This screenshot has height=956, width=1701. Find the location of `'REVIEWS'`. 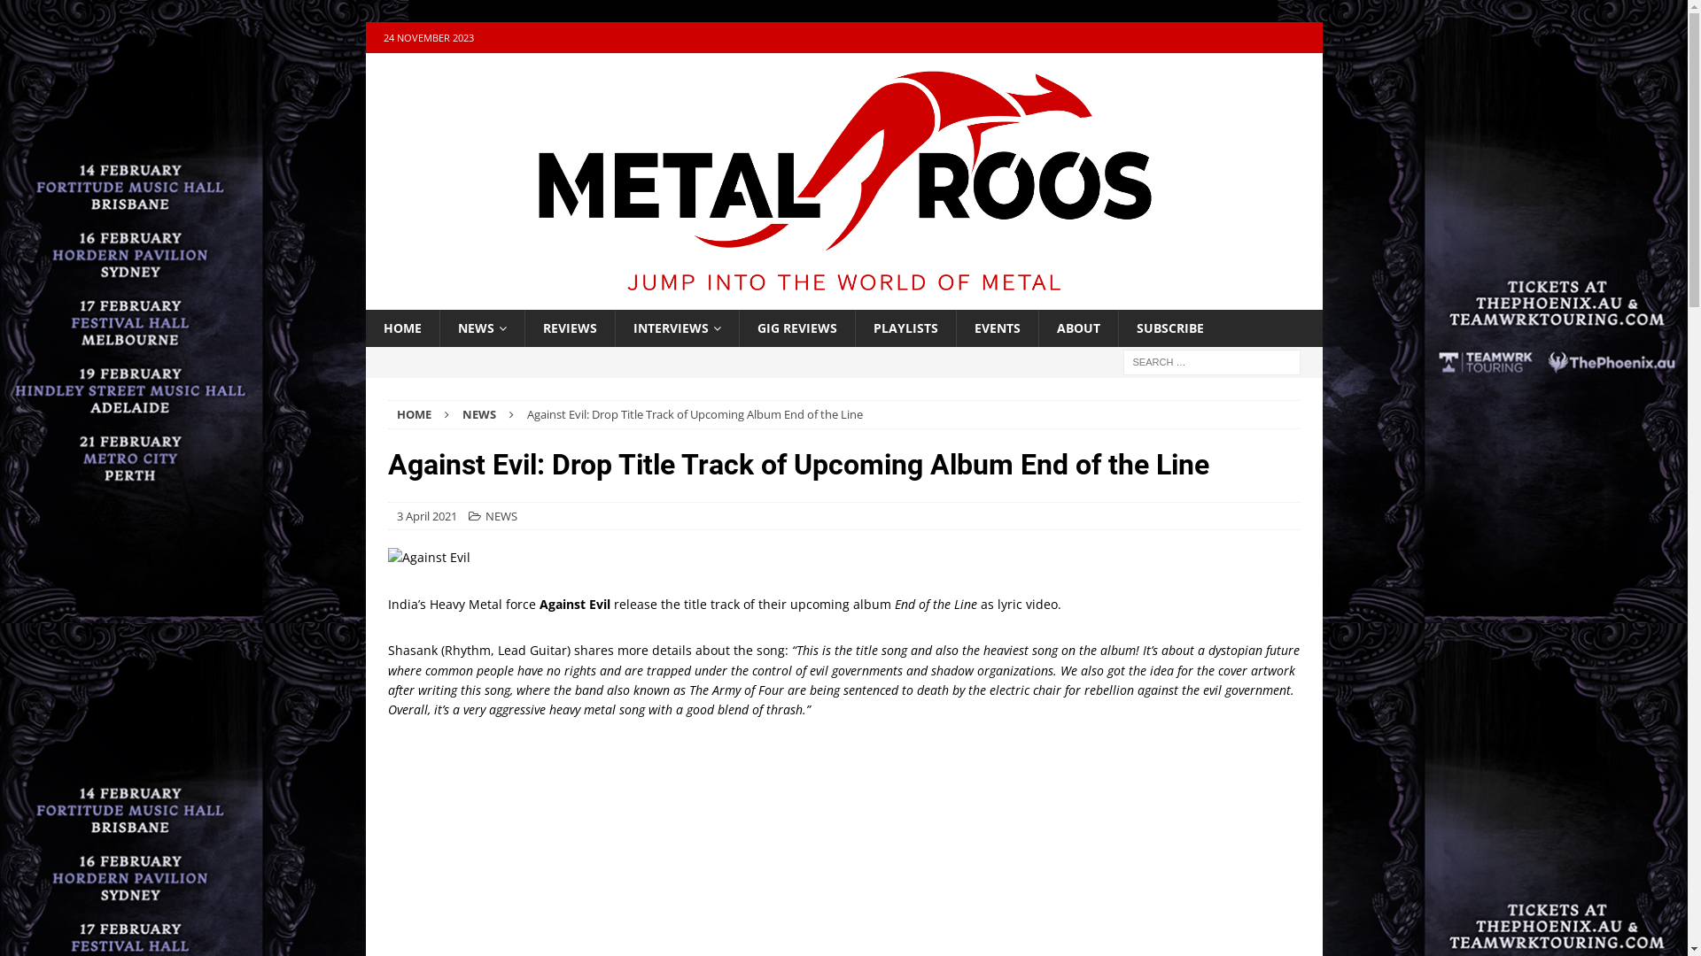

'REVIEWS' is located at coordinates (570, 328).